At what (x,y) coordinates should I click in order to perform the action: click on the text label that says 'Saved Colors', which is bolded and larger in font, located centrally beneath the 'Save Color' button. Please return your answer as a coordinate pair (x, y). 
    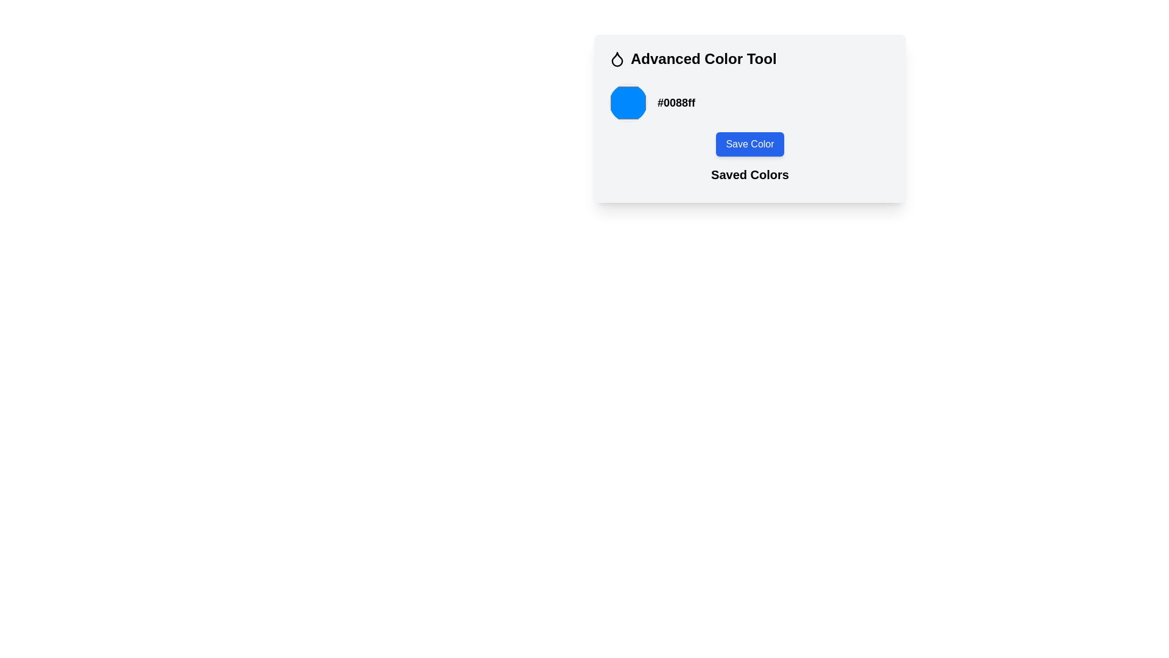
    Looking at the image, I should click on (749, 174).